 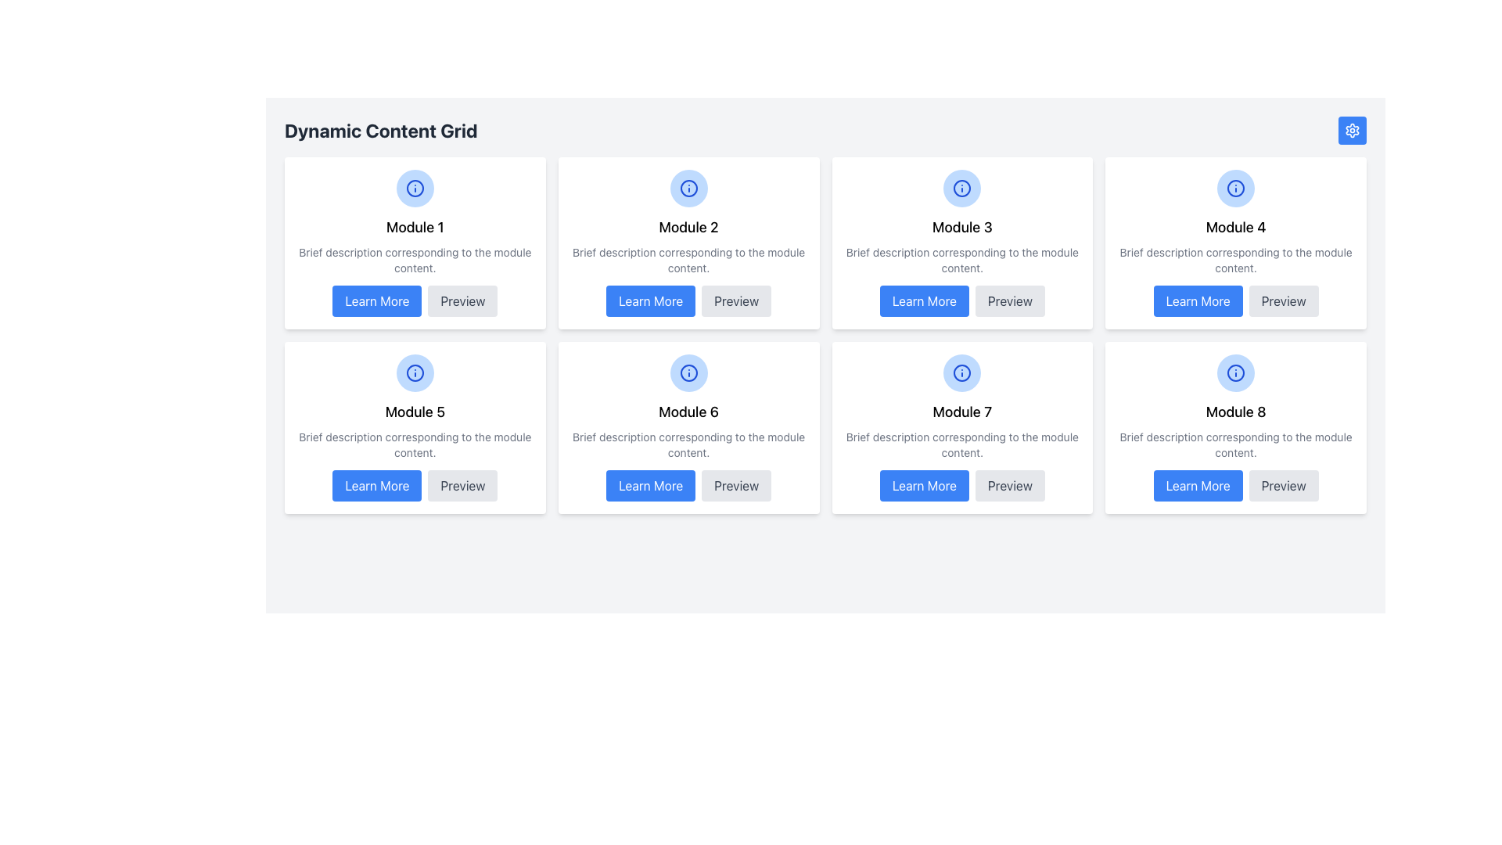 I want to click on the circular informational icon with a light blue background and a darker blue 'i' symbol located in the top row, third column of the 'Dynamic Content Grid', so click(x=961, y=187).